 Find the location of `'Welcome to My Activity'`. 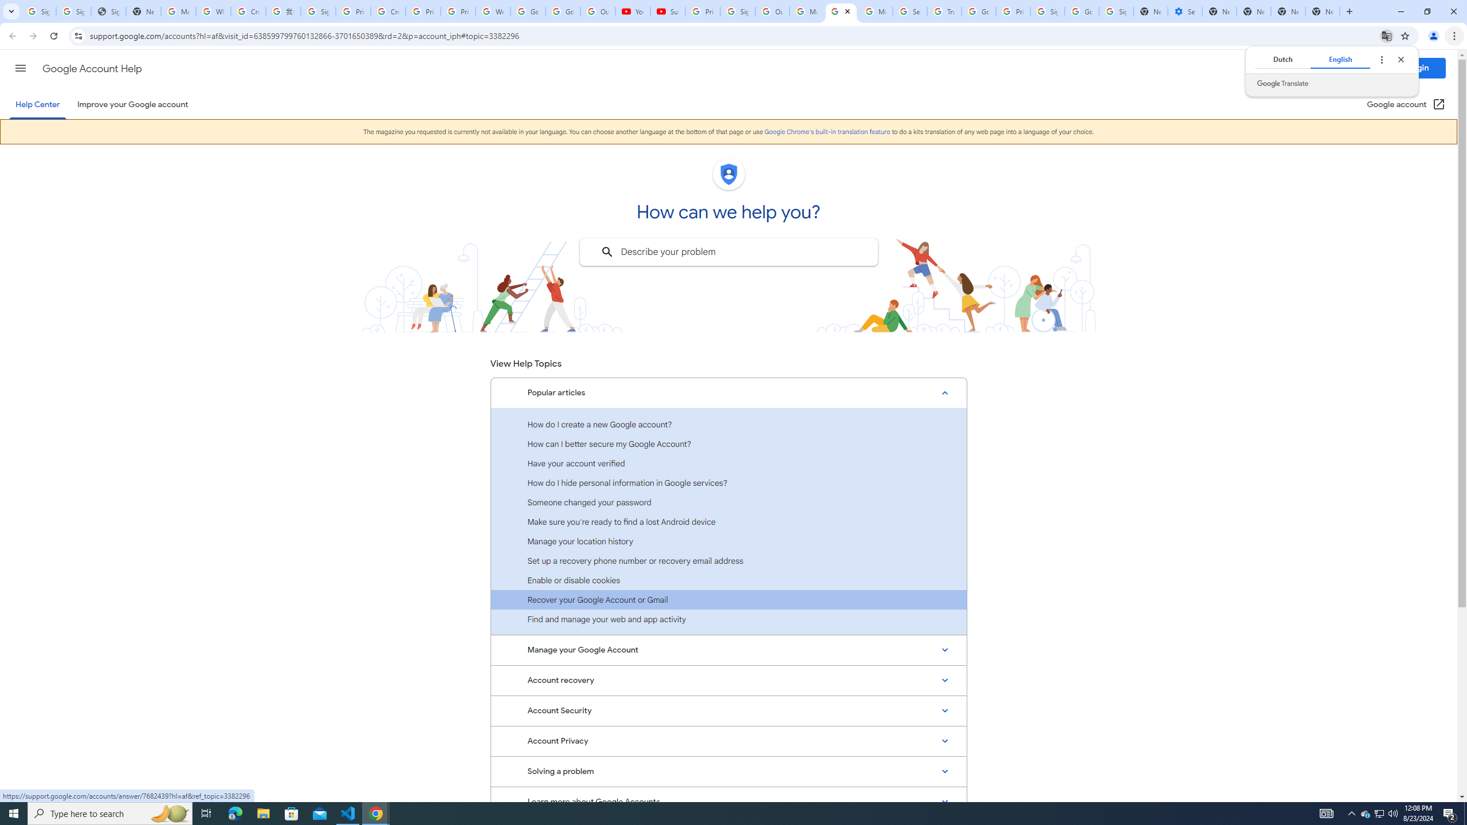

'Welcome to My Activity' is located at coordinates (493, 11).